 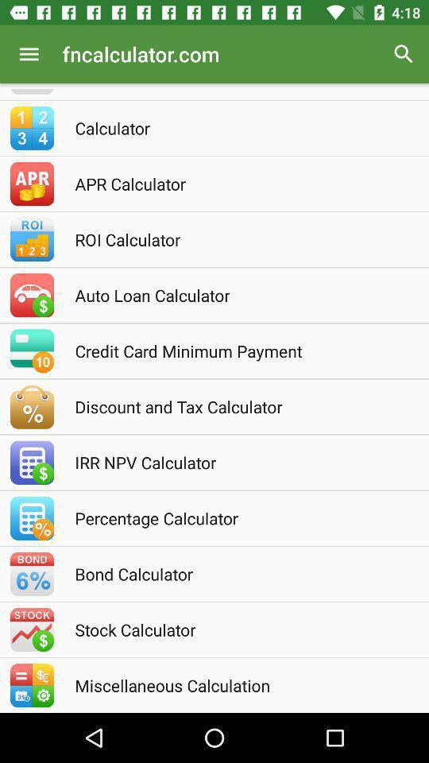 I want to click on the app to the left of fncalculator.com app, so click(x=29, y=54).